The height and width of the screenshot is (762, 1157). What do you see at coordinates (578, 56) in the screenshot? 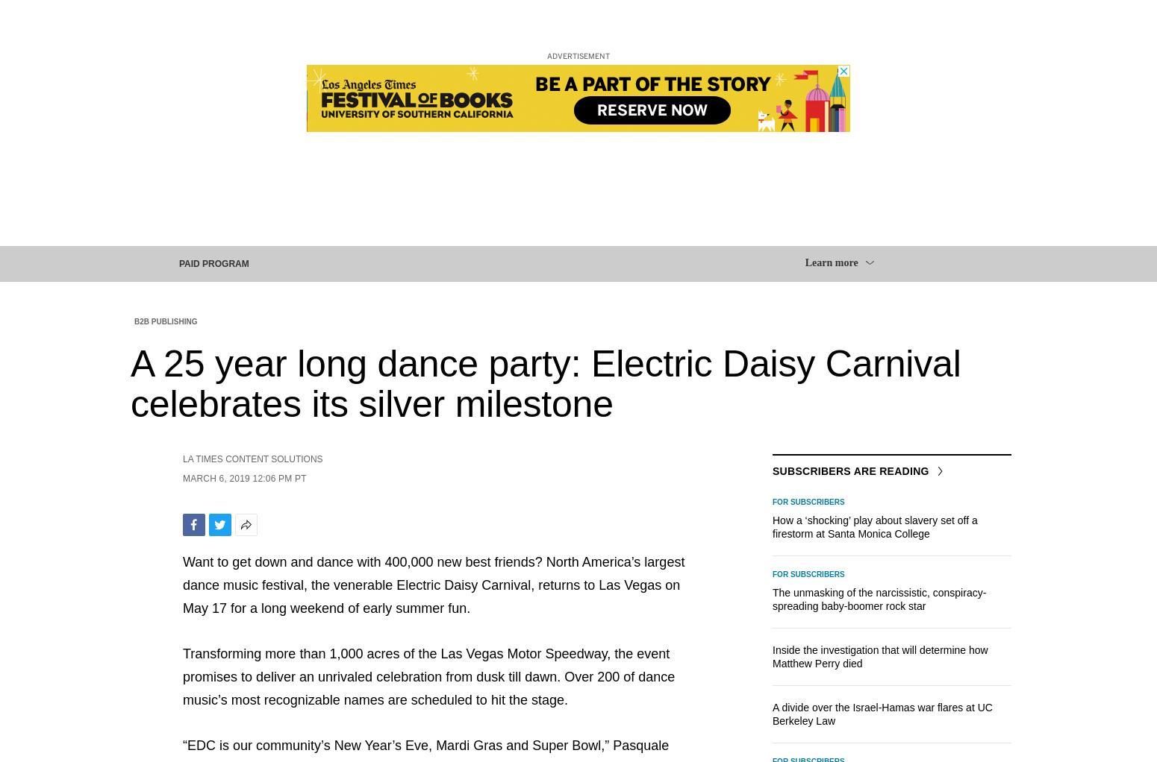
I see `'Advertisement'` at bounding box center [578, 56].